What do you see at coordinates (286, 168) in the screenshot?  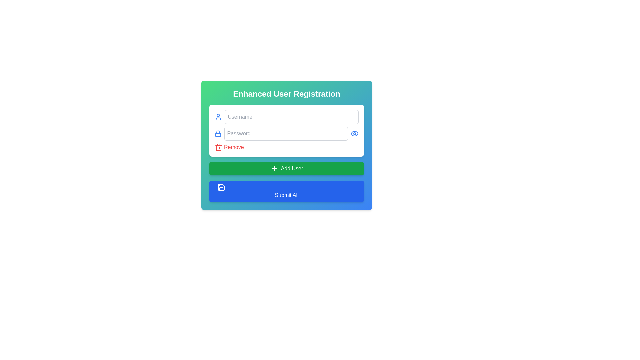 I see `the 'Add User' button, which is a rectangular button with a green background, white plus icon, and white text centered within it` at bounding box center [286, 168].